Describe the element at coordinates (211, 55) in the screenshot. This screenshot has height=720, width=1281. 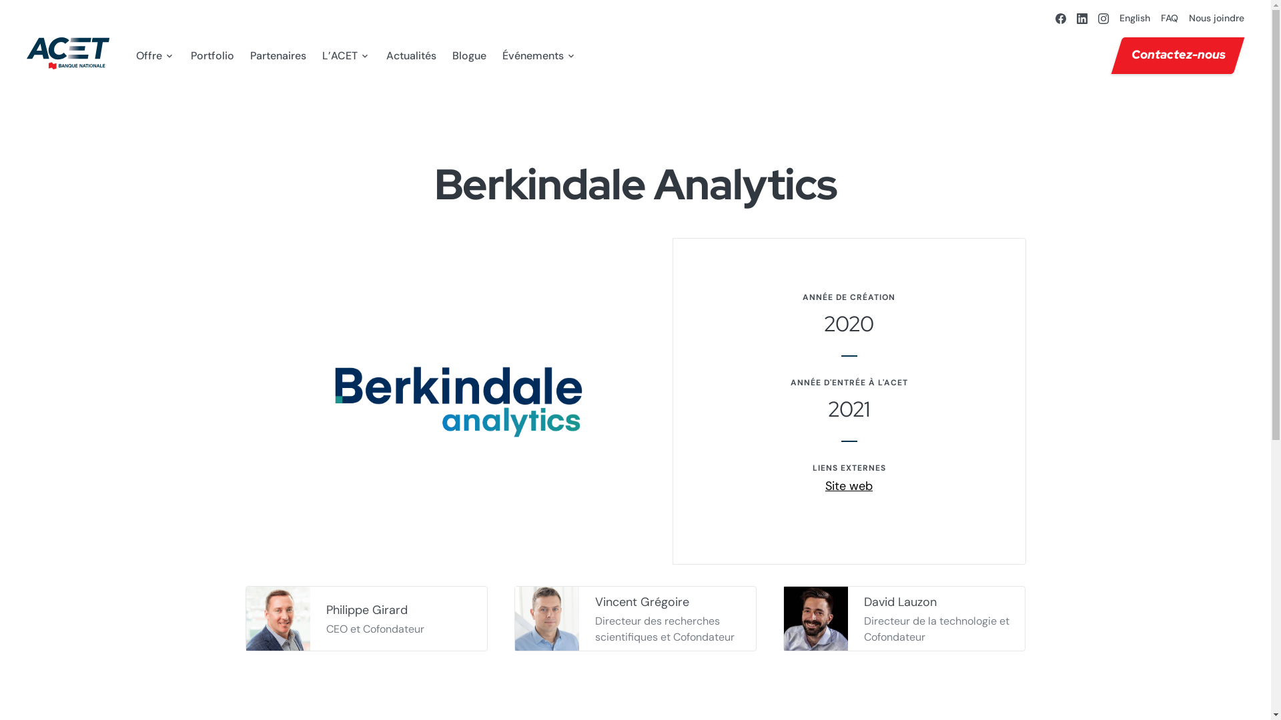
I see `'Portfolio'` at that location.